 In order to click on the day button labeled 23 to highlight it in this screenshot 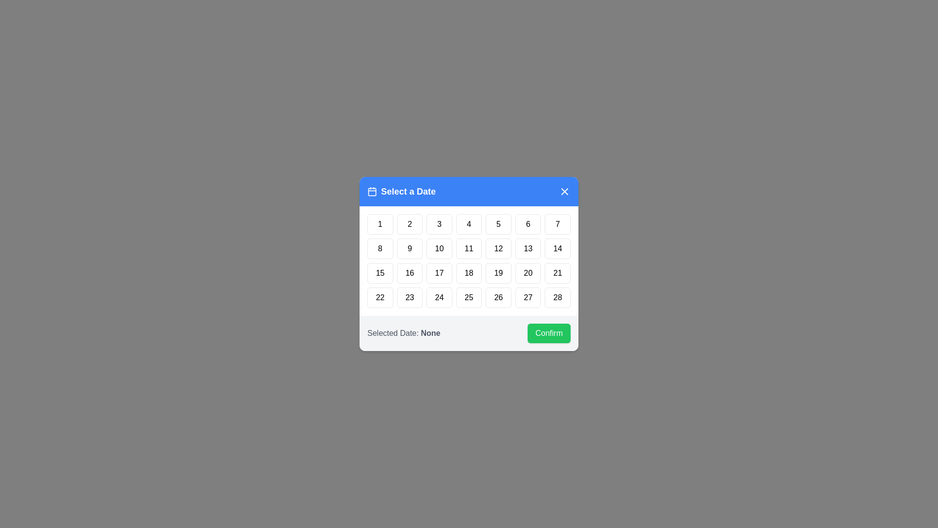, I will do `click(410, 297)`.